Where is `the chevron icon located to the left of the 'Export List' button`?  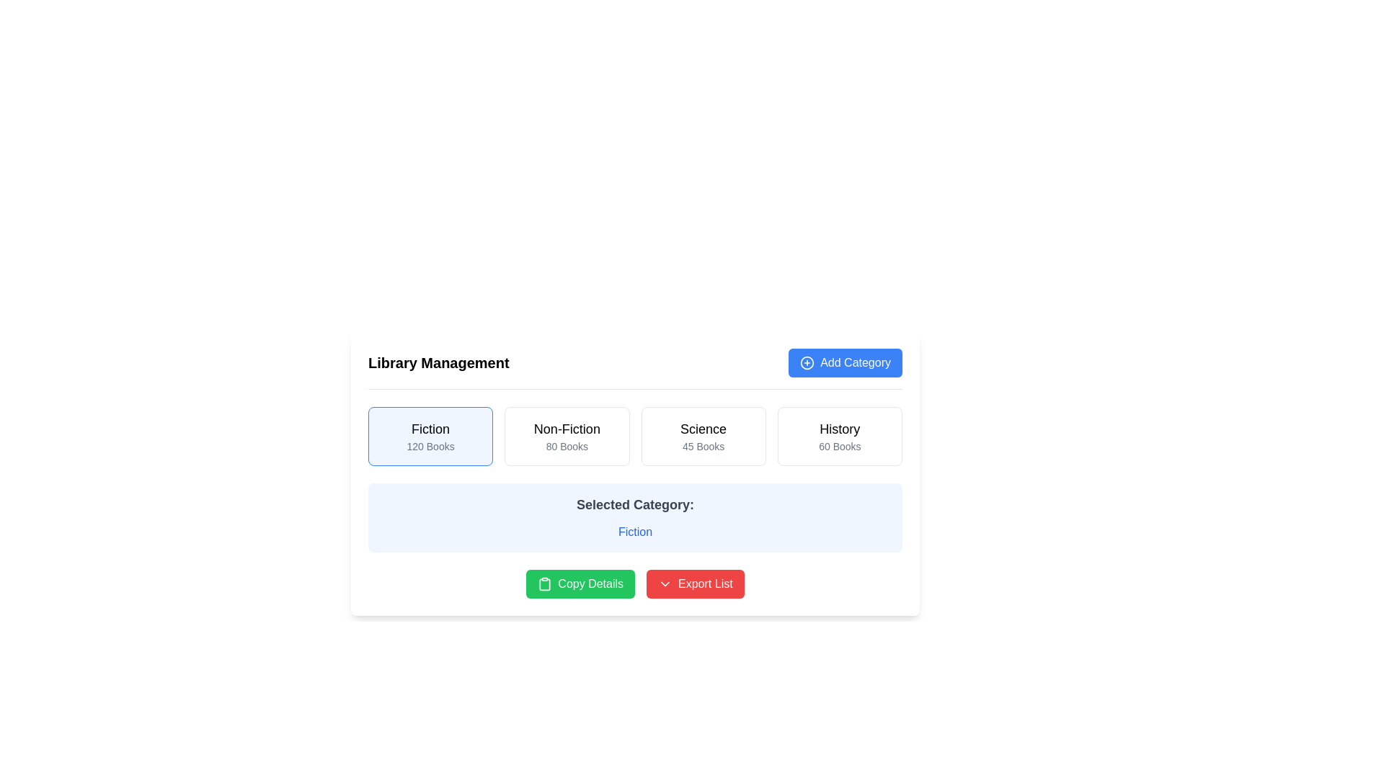 the chevron icon located to the left of the 'Export List' button is located at coordinates (665, 583).